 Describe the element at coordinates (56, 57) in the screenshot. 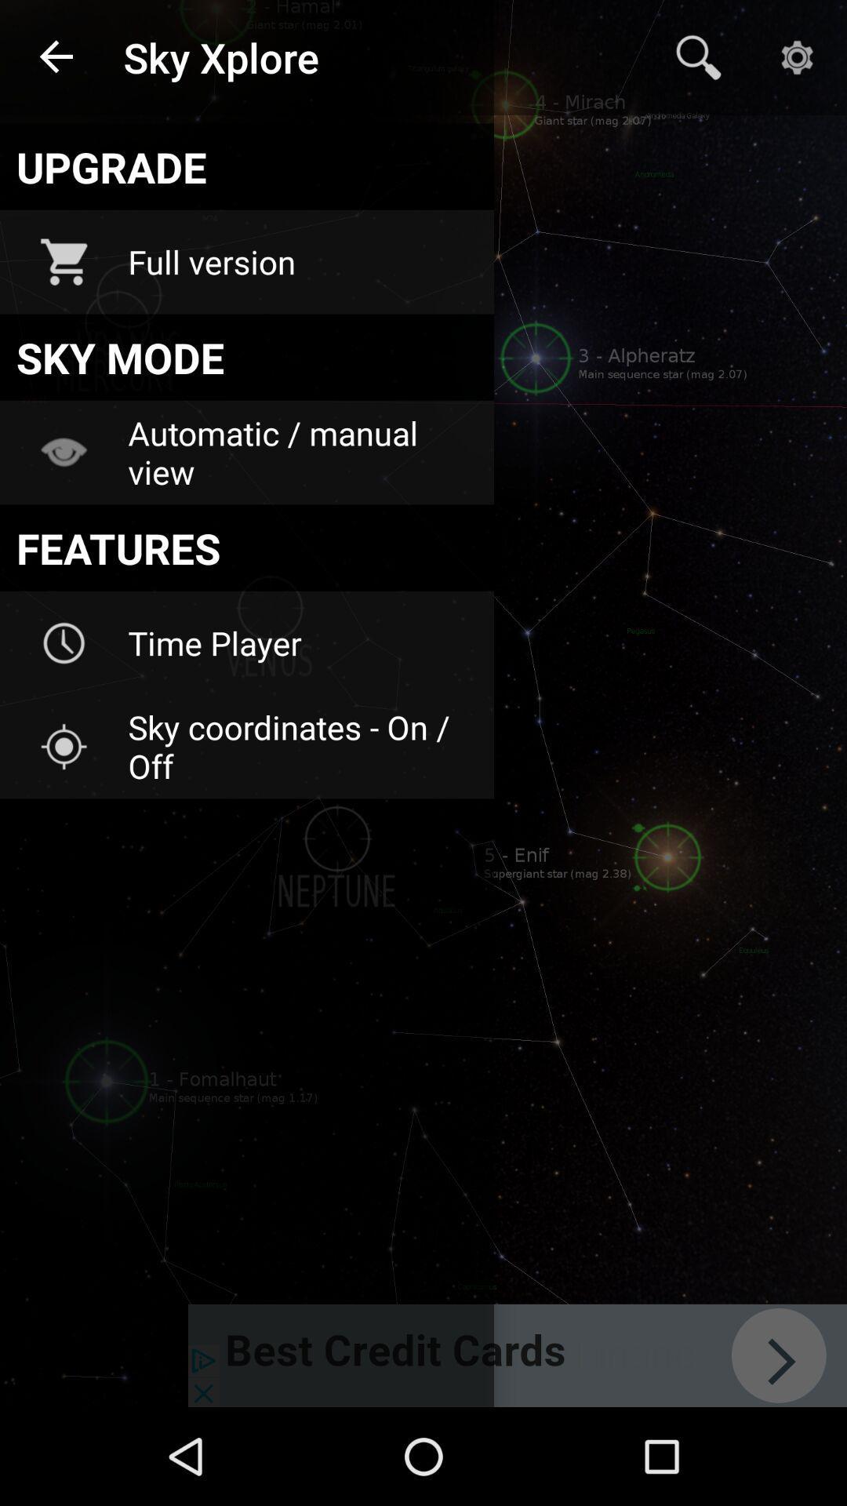

I see `the icon above upgrade icon` at that location.